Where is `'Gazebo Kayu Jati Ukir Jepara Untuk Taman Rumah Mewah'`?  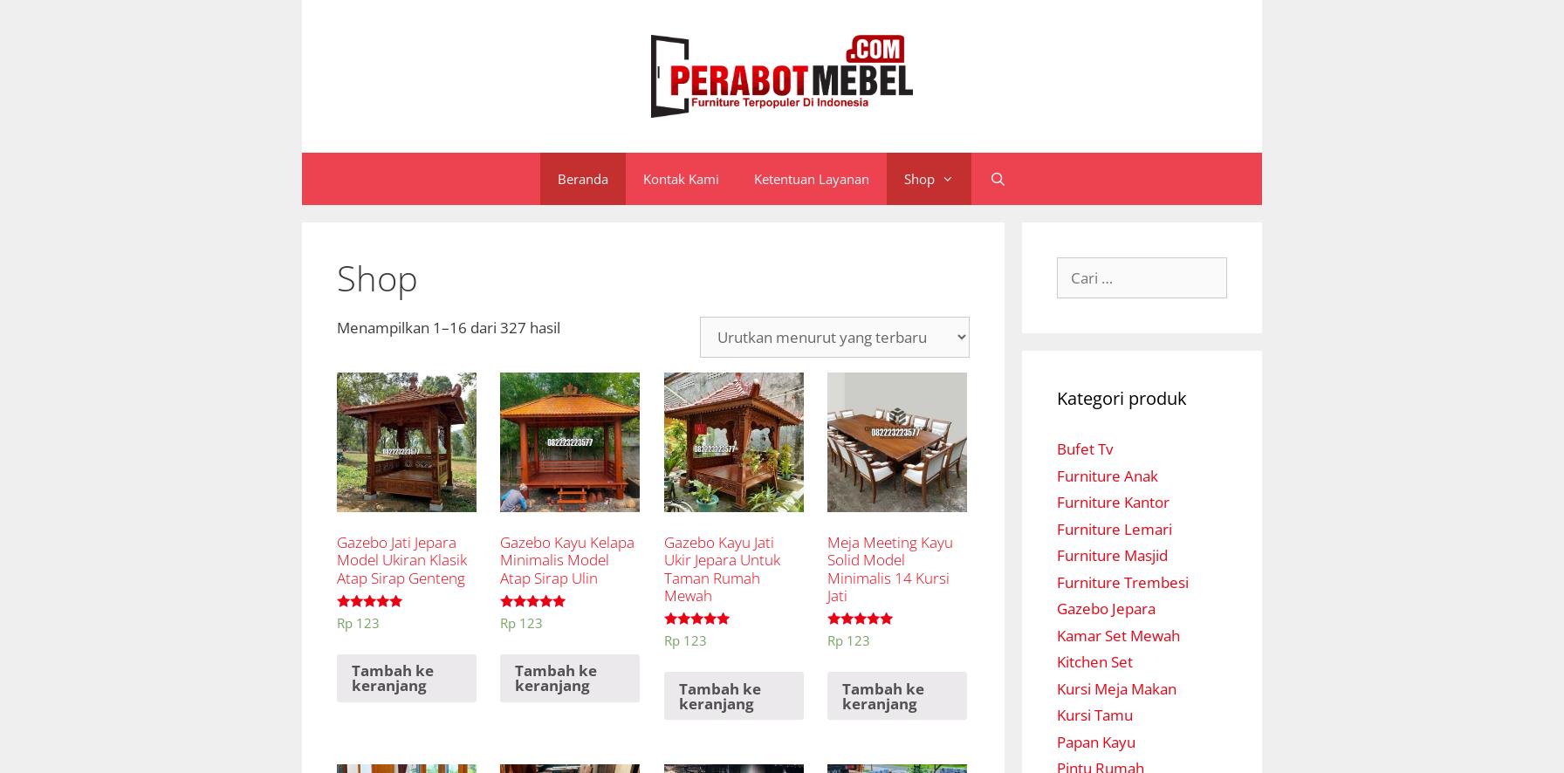
'Gazebo Kayu Jati Ukir Jepara Untuk Taman Rumah Mewah' is located at coordinates (721, 569).